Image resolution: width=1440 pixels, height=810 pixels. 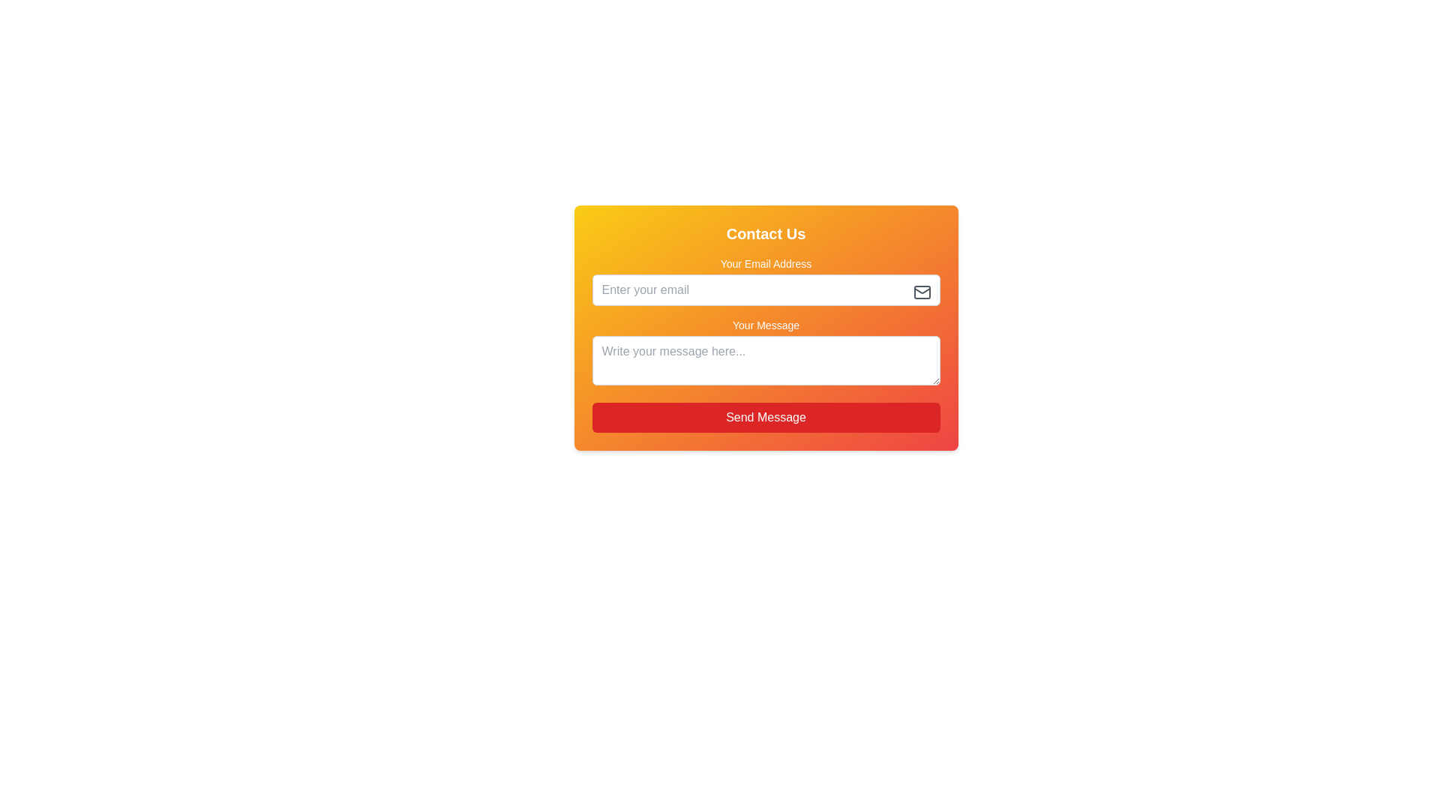 I want to click on the 'Send Message' button, which is a rectangular button with a red background and white text, located at the bottom of the 'Contact Us' card, so click(x=766, y=417).